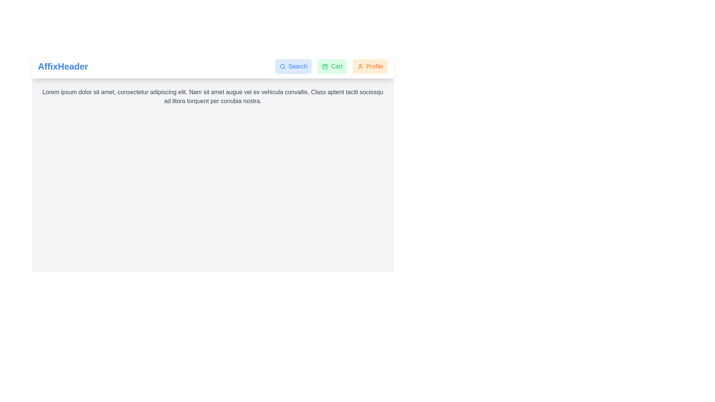 Image resolution: width=715 pixels, height=402 pixels. Describe the element at coordinates (325, 66) in the screenshot. I see `the shopping bag icon located in the 'Cart' button group` at that location.